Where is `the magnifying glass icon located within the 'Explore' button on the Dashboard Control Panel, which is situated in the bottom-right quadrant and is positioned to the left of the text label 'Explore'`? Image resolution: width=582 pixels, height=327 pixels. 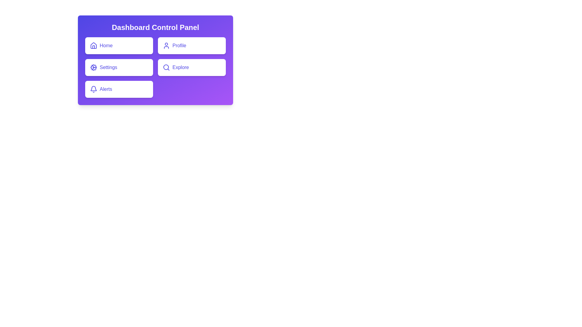
the magnifying glass icon located within the 'Explore' button on the Dashboard Control Panel, which is situated in the bottom-right quadrant and is positioned to the left of the text label 'Explore' is located at coordinates (166, 68).